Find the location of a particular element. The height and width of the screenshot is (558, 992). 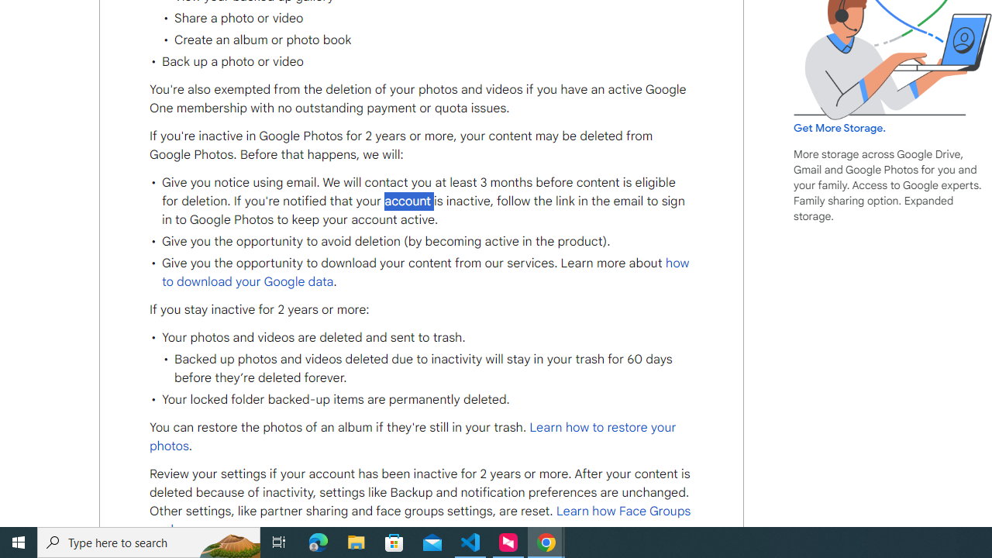

'how to download your Google data' is located at coordinates (425, 271).